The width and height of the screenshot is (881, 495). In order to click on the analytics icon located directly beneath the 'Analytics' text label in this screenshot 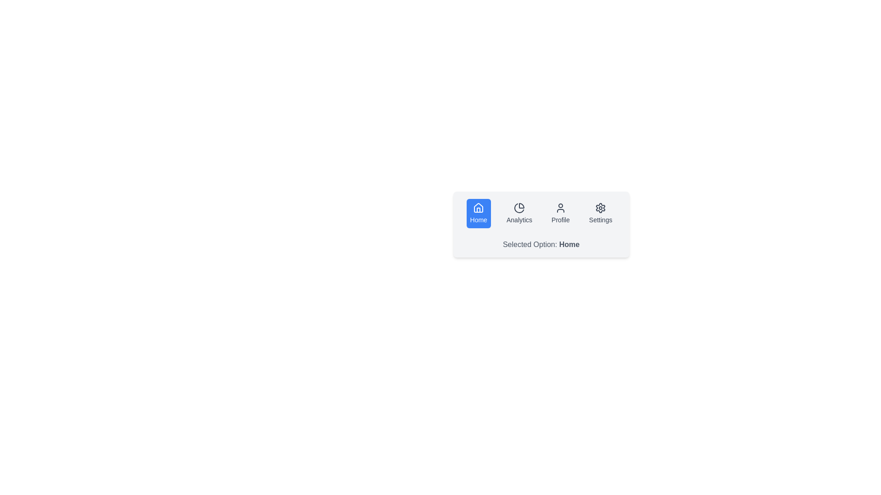, I will do `click(519, 208)`.